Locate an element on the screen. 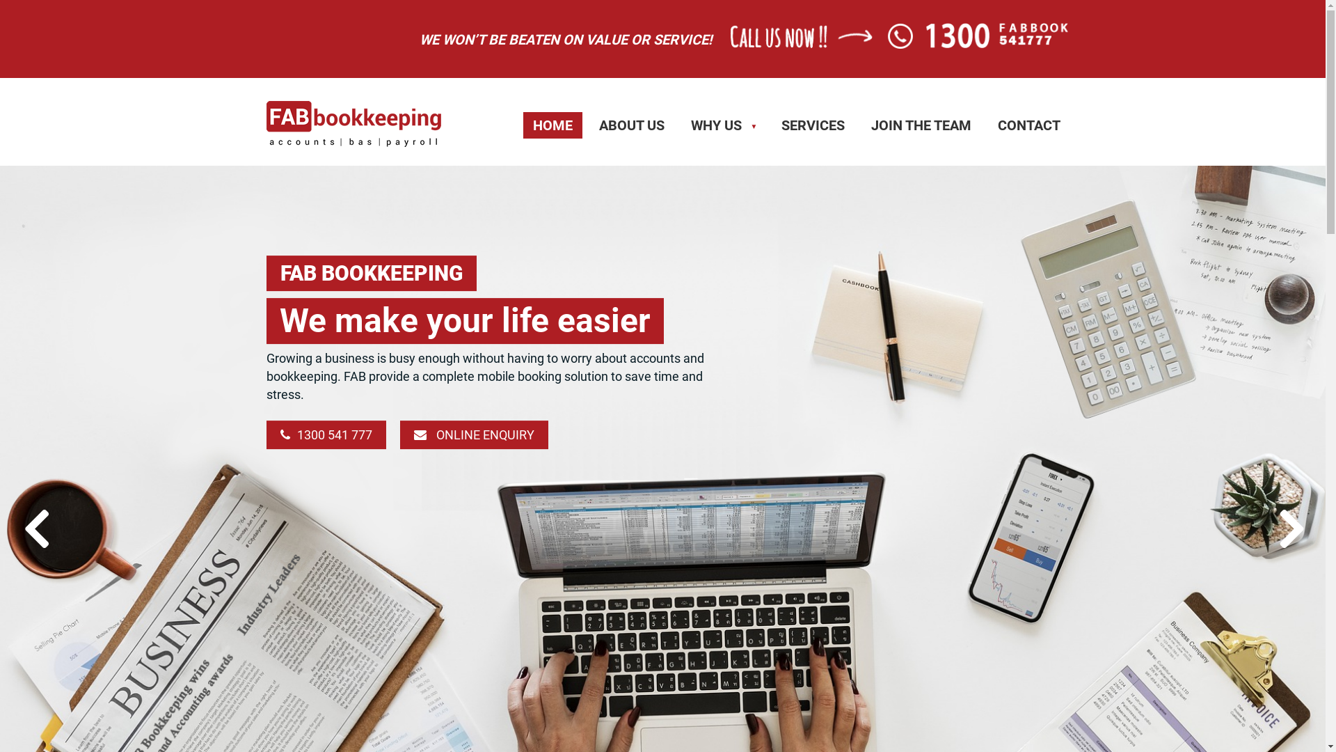 Image resolution: width=1336 pixels, height=752 pixels. 'JOIN THE TEAM' is located at coordinates (921, 125).